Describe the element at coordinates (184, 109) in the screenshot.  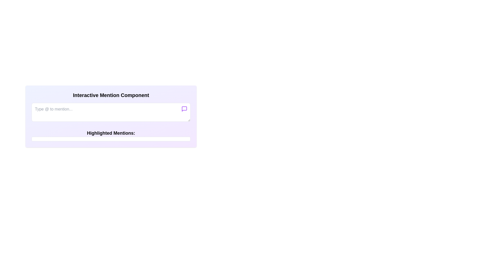
I see `the icon located at the top-right corner within the input box of the 'Interactive Mention Component', which serves as a symbolic representation for message or interaction-related actions` at that location.